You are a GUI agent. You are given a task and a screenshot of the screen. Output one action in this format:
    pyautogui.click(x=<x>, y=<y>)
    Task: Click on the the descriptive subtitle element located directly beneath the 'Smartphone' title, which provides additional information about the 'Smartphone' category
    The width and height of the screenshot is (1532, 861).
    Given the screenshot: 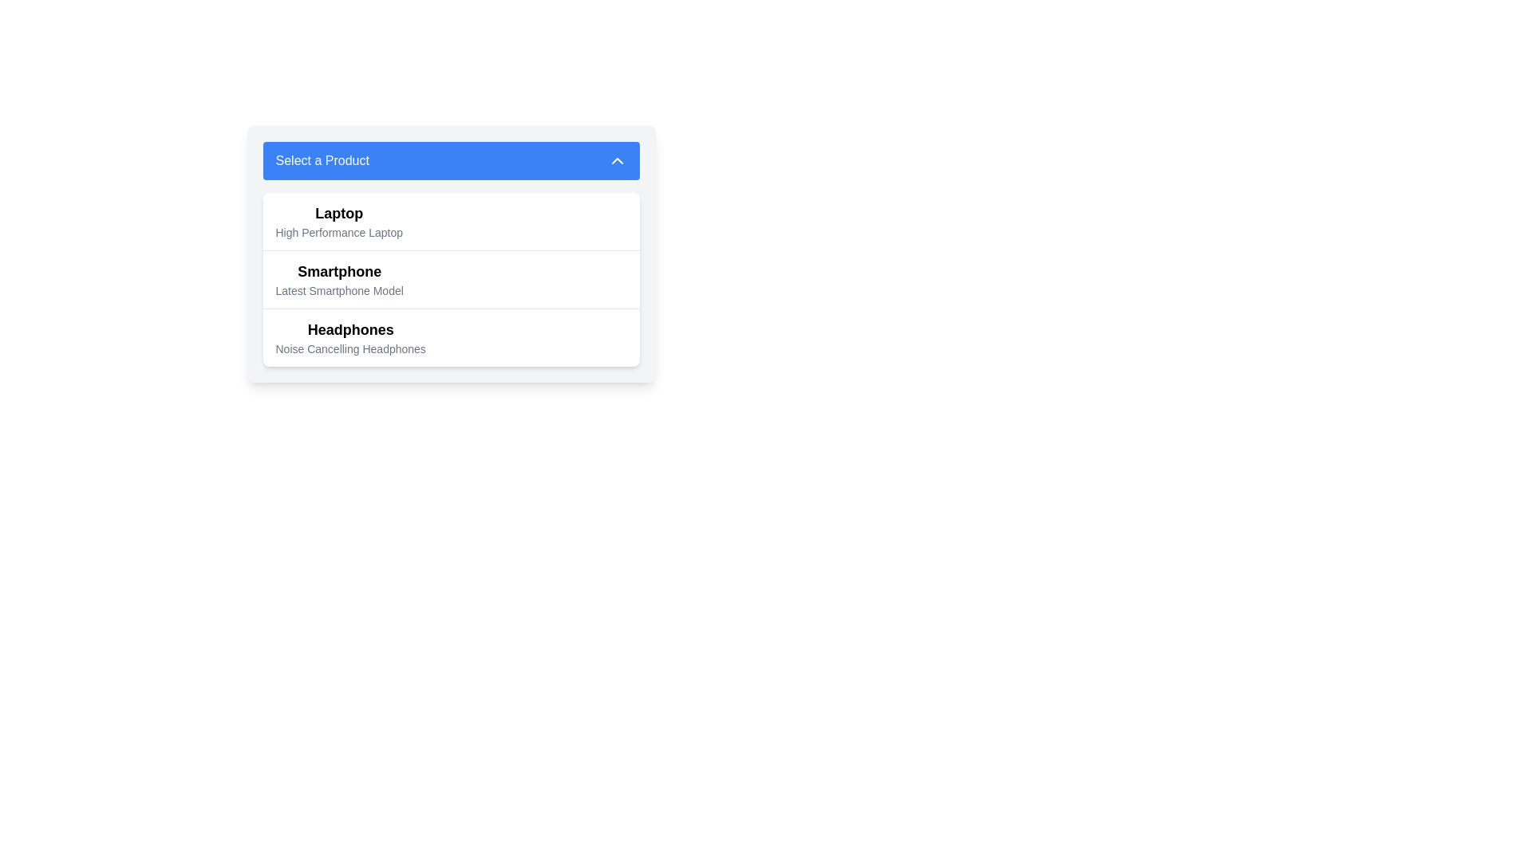 What is the action you would take?
    pyautogui.click(x=338, y=291)
    